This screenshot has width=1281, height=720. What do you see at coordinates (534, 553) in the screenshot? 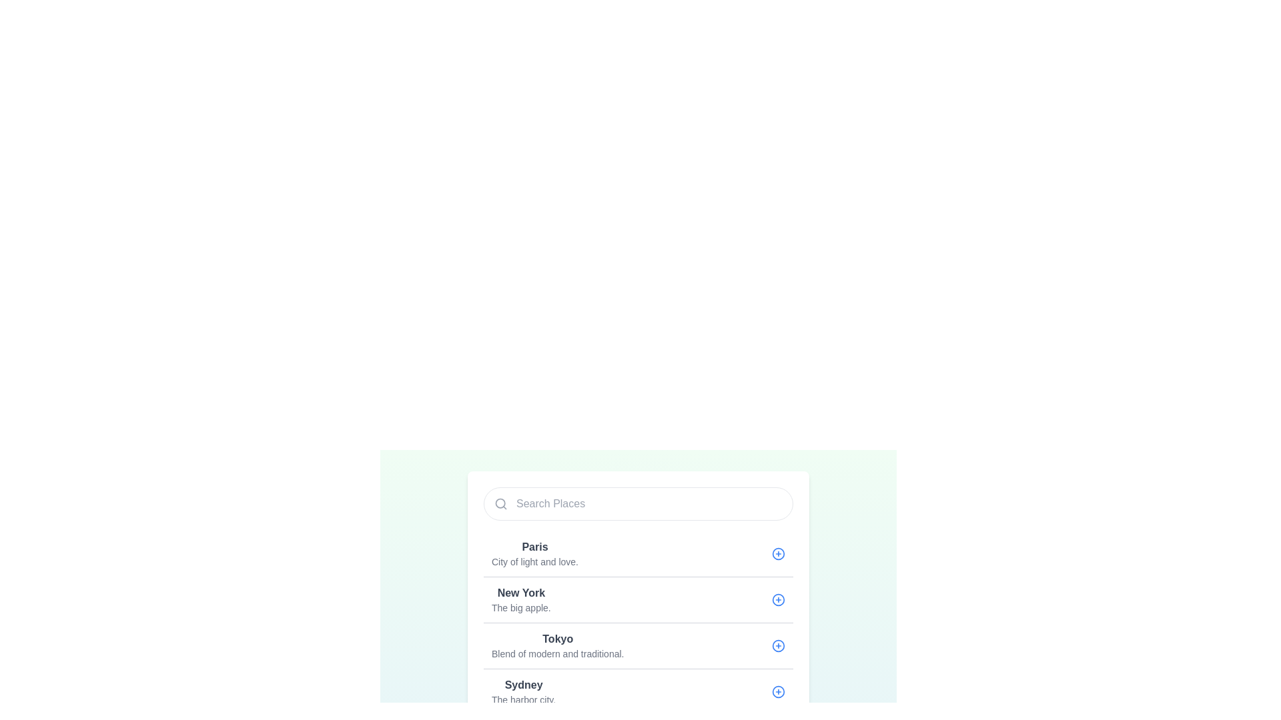
I see `the Text Label representing a selectable item in the list of places` at bounding box center [534, 553].